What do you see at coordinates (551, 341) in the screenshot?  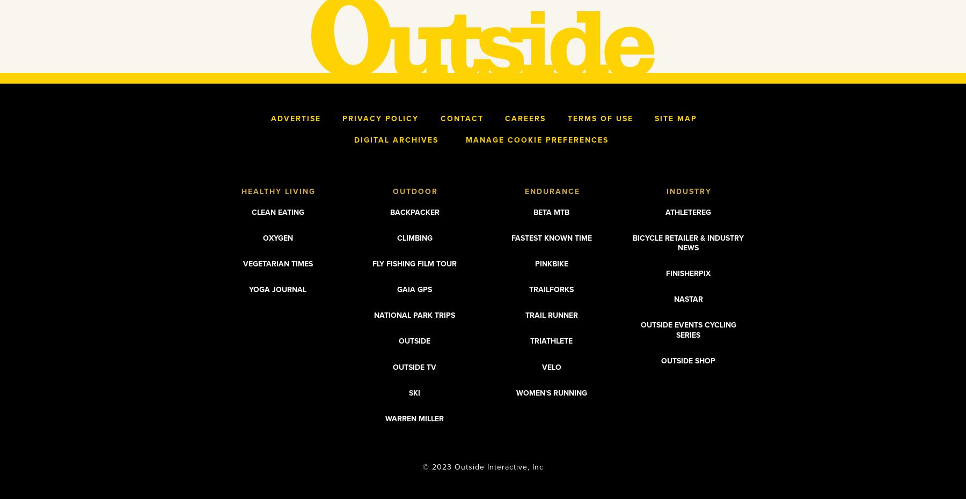 I see `'Triathlete'` at bounding box center [551, 341].